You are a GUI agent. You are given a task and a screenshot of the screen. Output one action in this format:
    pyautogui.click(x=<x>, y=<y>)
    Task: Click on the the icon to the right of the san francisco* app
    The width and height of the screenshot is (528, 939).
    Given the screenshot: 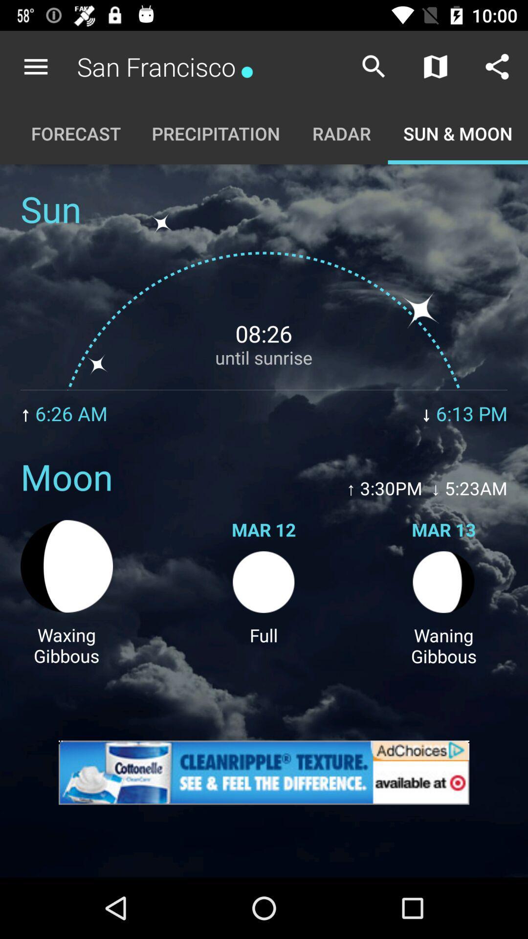 What is the action you would take?
    pyautogui.click(x=374, y=66)
    